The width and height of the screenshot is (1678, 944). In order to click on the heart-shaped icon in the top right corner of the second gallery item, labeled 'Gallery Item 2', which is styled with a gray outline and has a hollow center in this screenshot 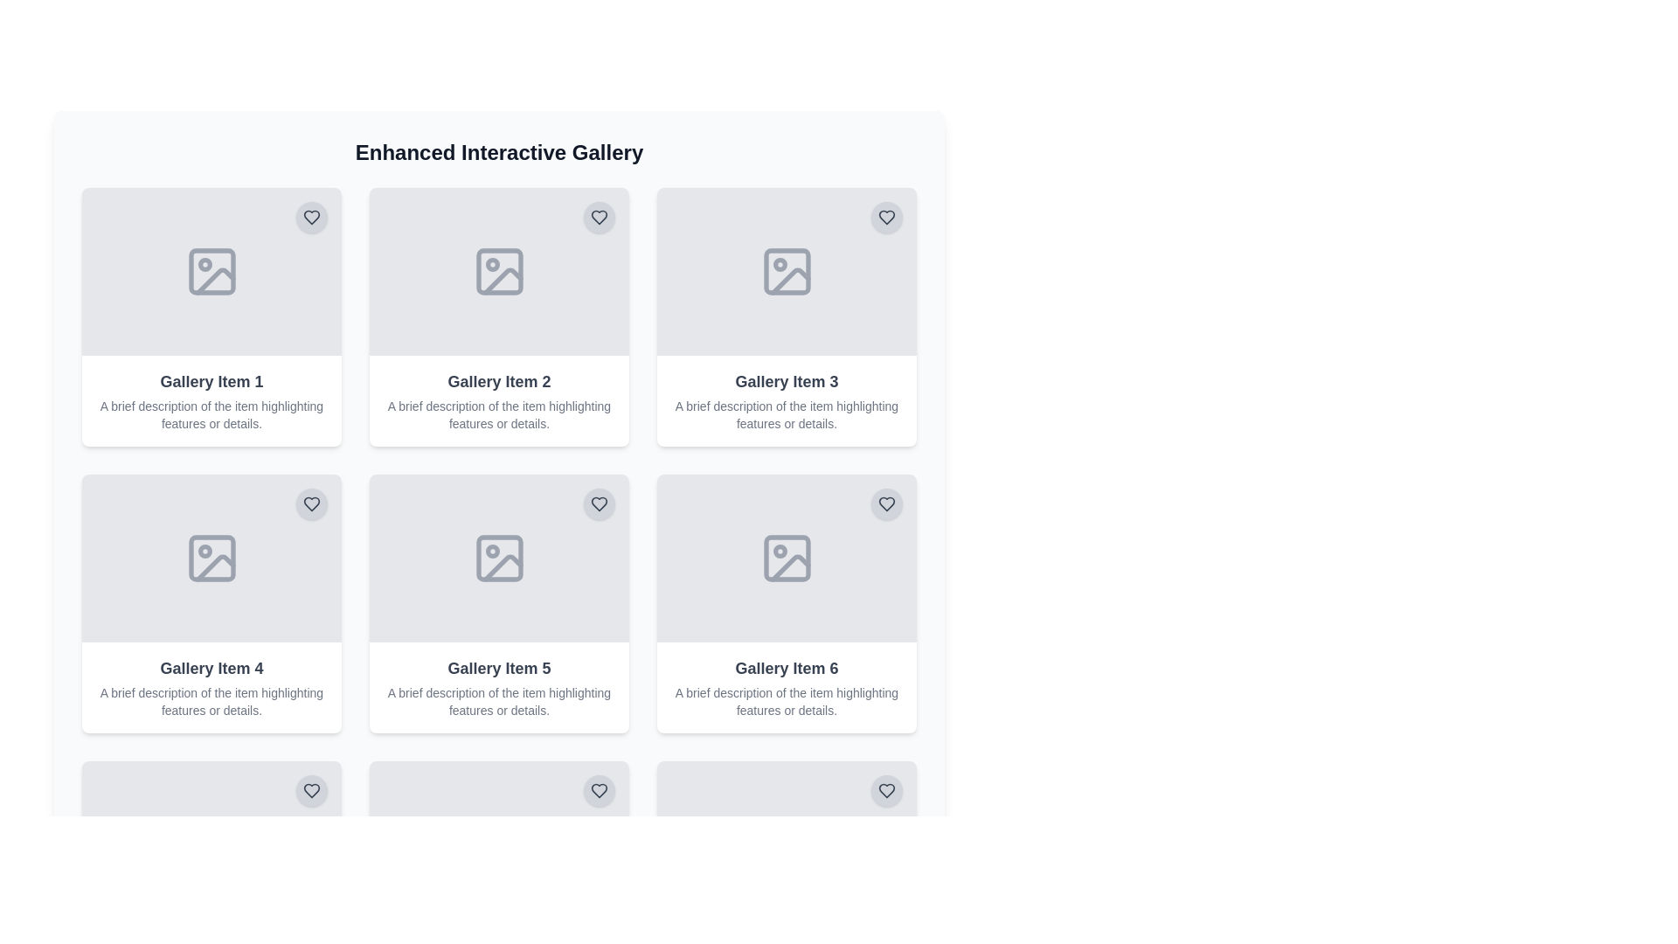, I will do `click(600, 217)`.